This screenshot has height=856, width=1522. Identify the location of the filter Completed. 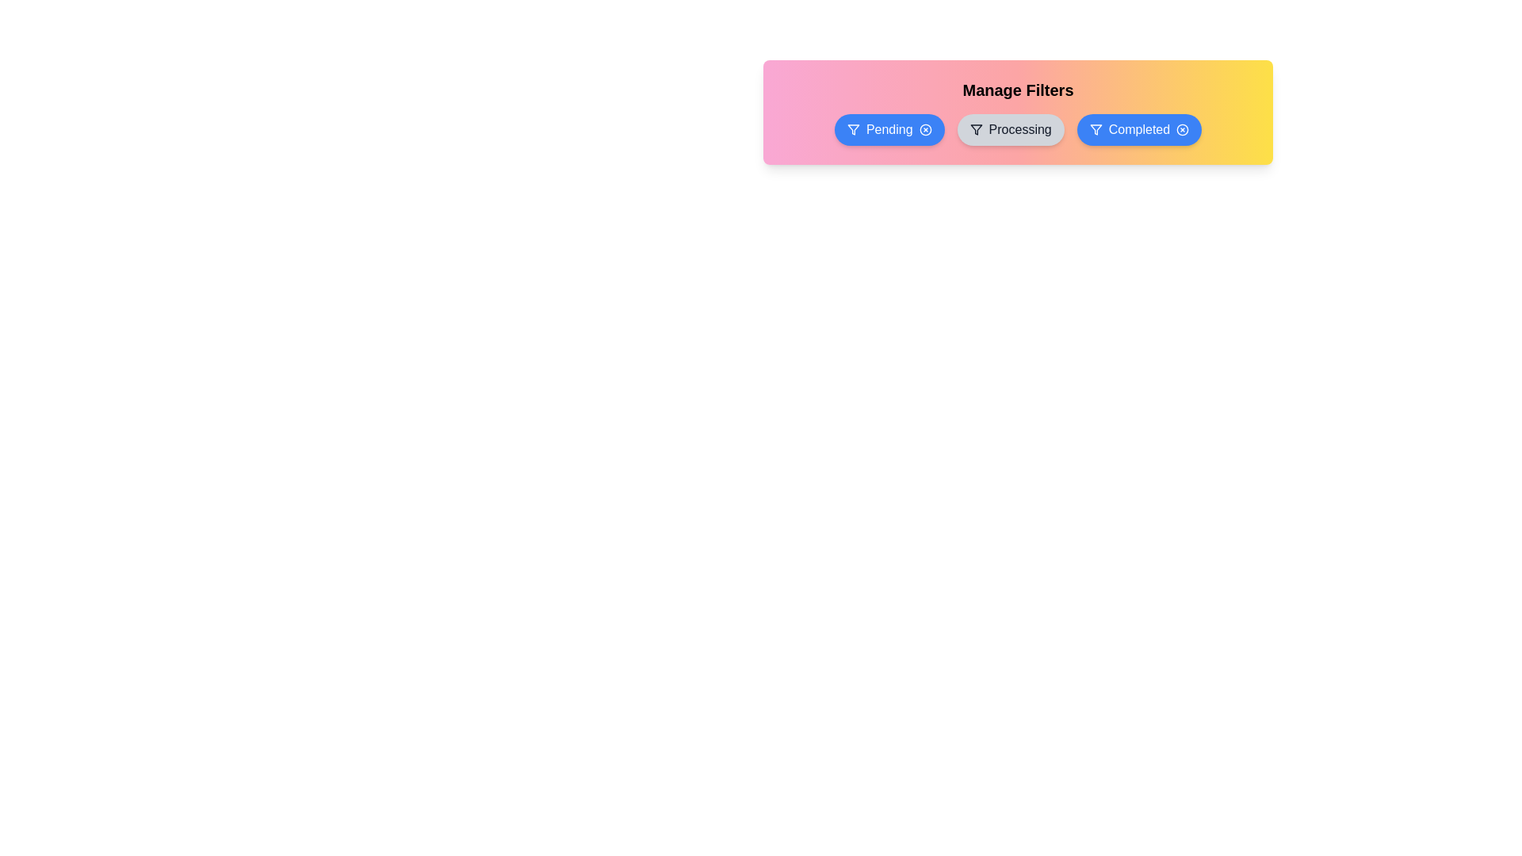
(1138, 129).